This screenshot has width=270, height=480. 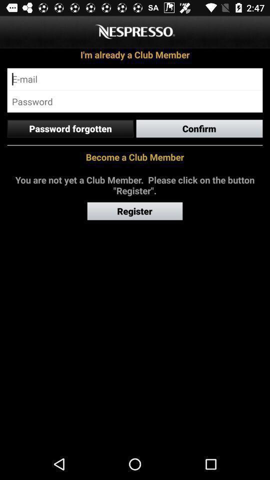 I want to click on password, so click(x=135, y=101).